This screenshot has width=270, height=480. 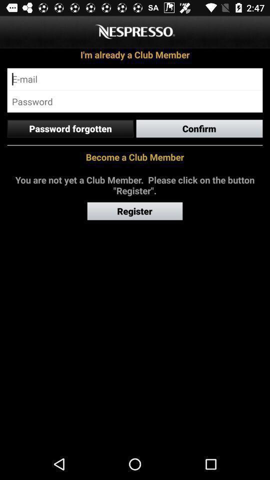 I want to click on password, so click(x=135, y=101).